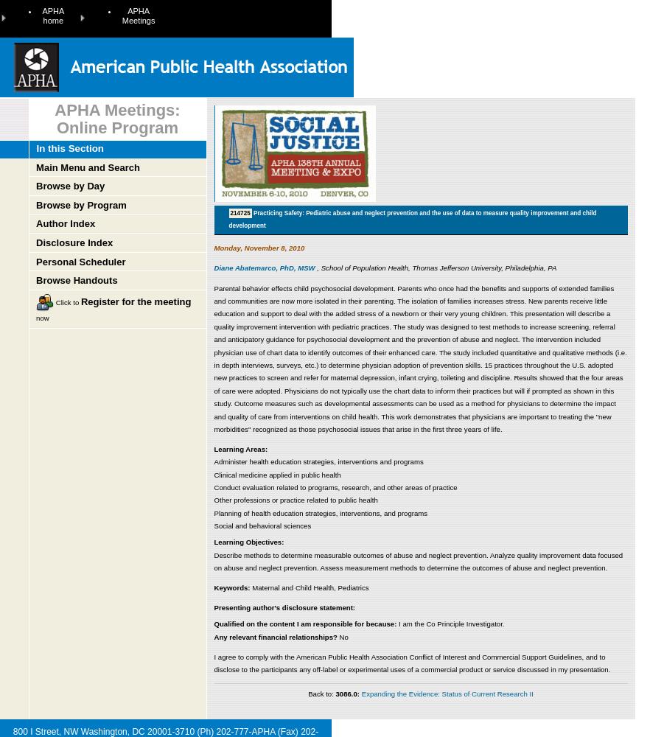 Image resolution: width=664 pixels, height=737 pixels. Describe the element at coordinates (231, 587) in the screenshot. I see `'Keywords:'` at that location.